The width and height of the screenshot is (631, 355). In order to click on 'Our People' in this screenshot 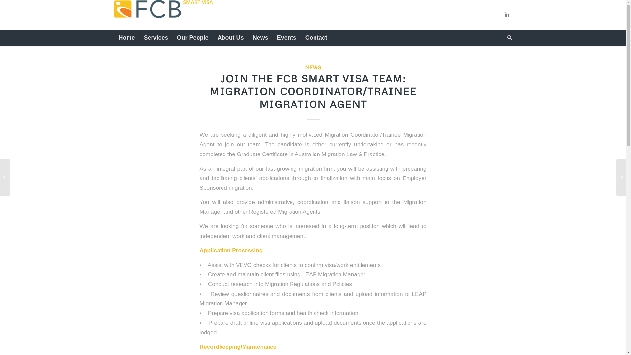, I will do `click(192, 38)`.